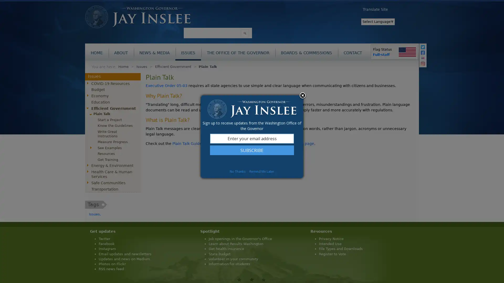  Describe the element at coordinates (262, 171) in the screenshot. I see `Remind Me Later` at that location.